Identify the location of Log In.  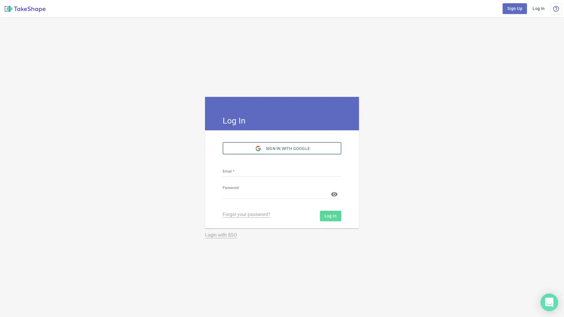
(538, 9).